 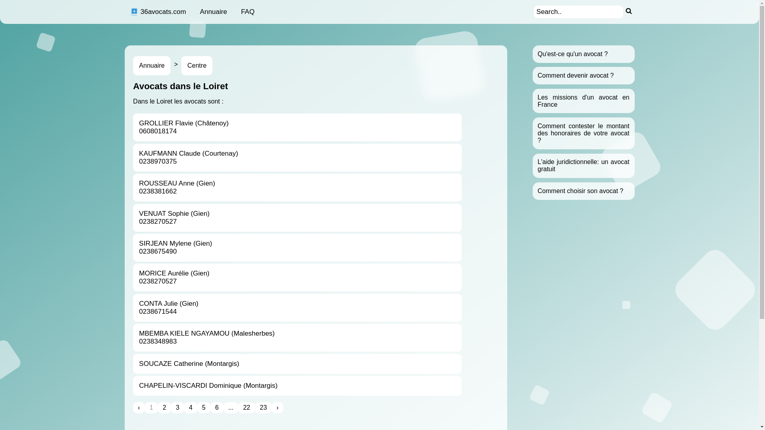 What do you see at coordinates (583, 100) in the screenshot?
I see `'Les missions d'un avocat en France'` at bounding box center [583, 100].